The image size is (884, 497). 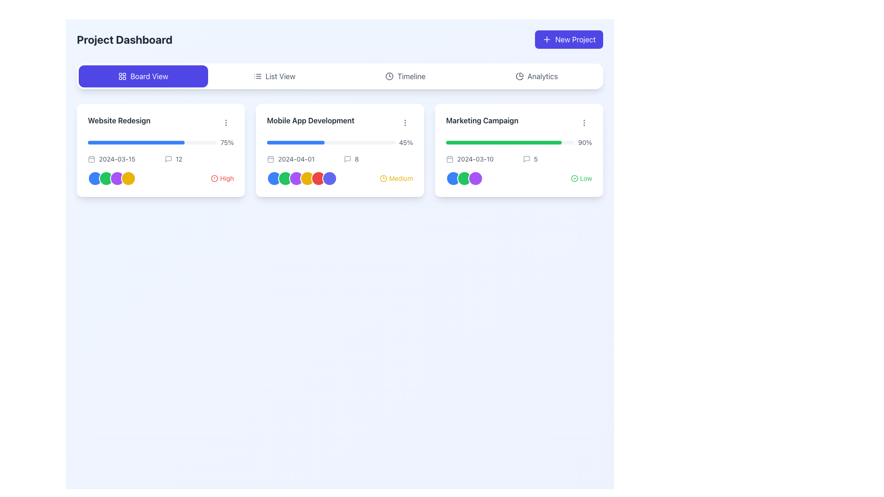 I want to click on the group of decorative circular indicators representing team members for the 'Mobile App Development' project, located centrally within the corresponding card on the dashboard interface, so click(x=302, y=179).